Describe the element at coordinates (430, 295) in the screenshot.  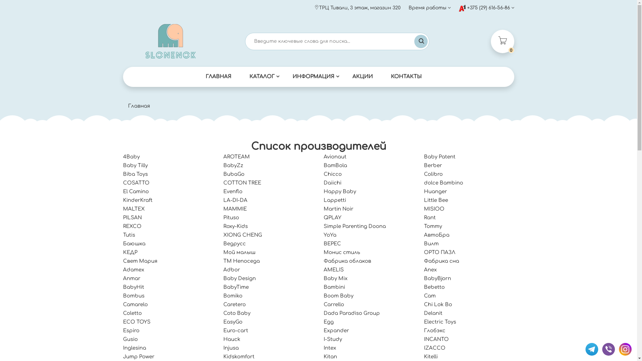
I see `'Cam'` at that location.